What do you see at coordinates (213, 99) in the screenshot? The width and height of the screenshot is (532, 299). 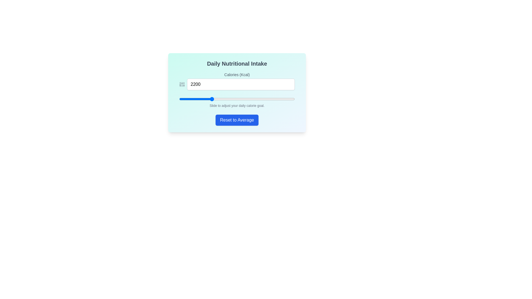 I see `daily calorie intake goal` at bounding box center [213, 99].